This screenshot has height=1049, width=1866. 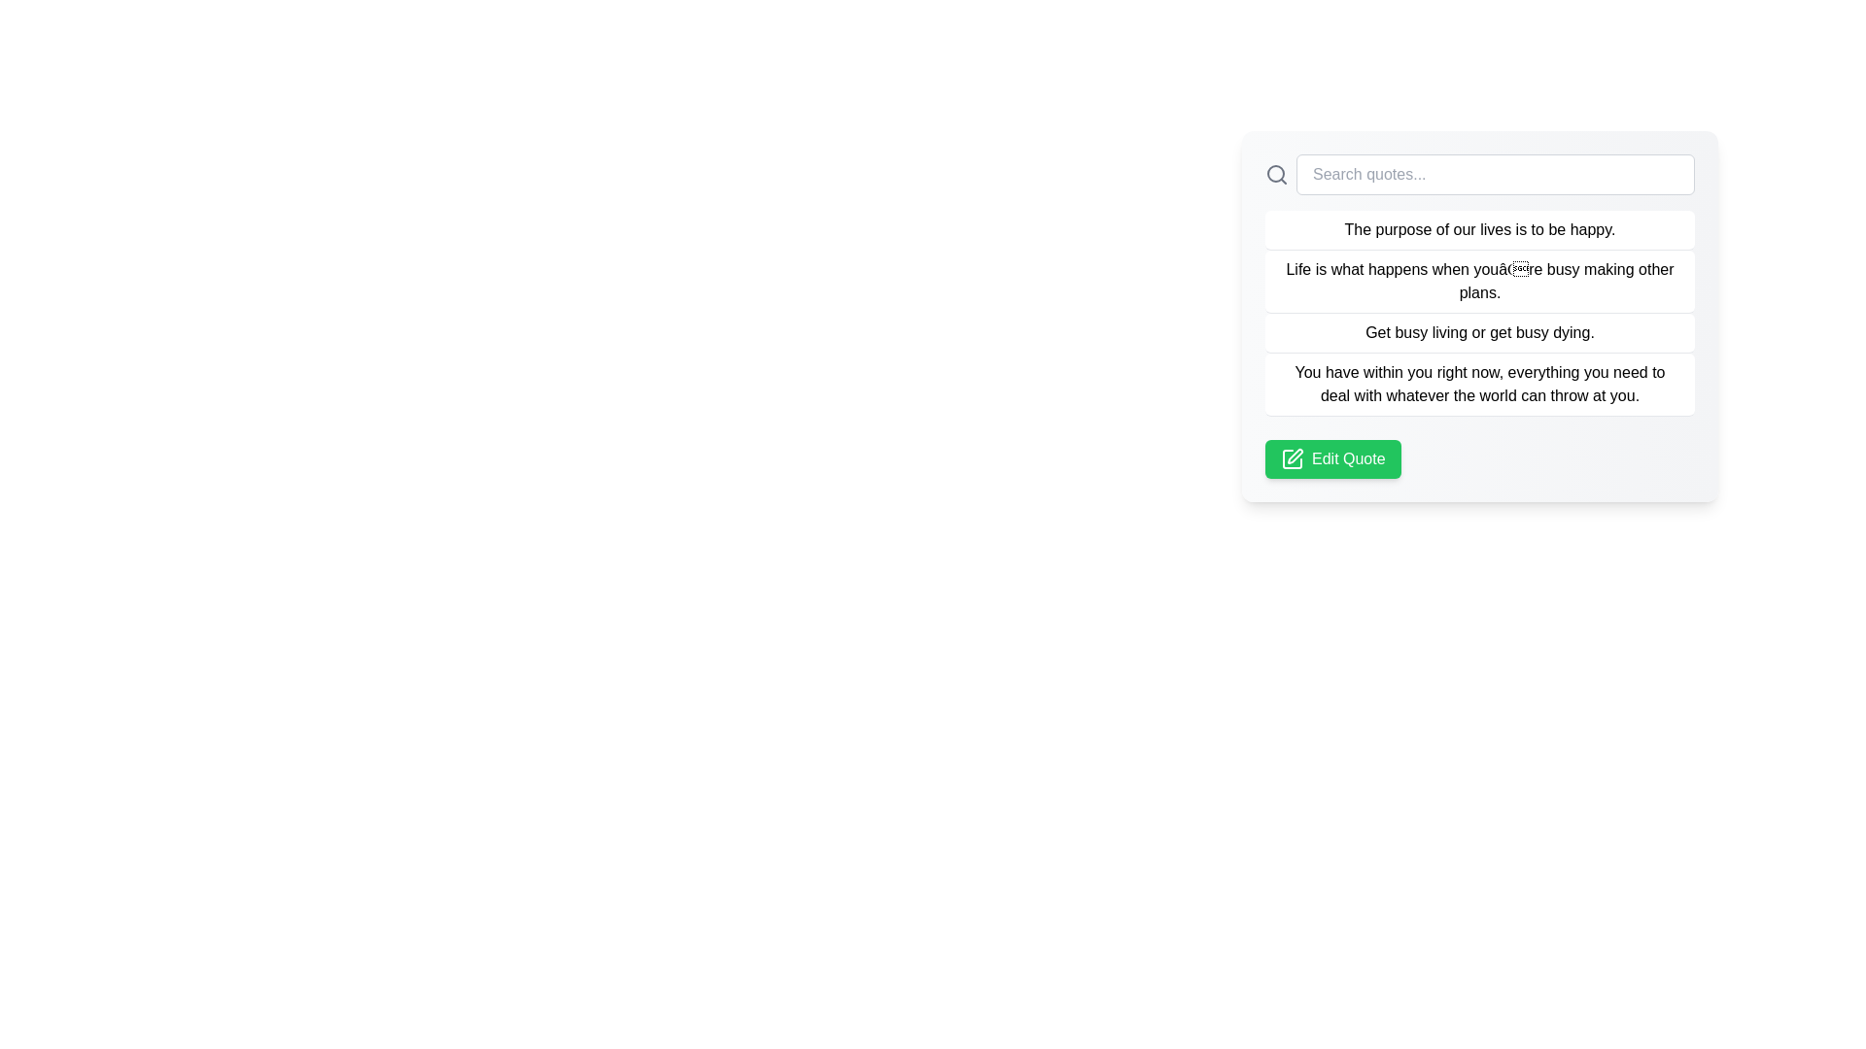 What do you see at coordinates (1478, 229) in the screenshot?
I see `the motivational quote display element, which is the first item in a vertically stacked list located below the search bar` at bounding box center [1478, 229].